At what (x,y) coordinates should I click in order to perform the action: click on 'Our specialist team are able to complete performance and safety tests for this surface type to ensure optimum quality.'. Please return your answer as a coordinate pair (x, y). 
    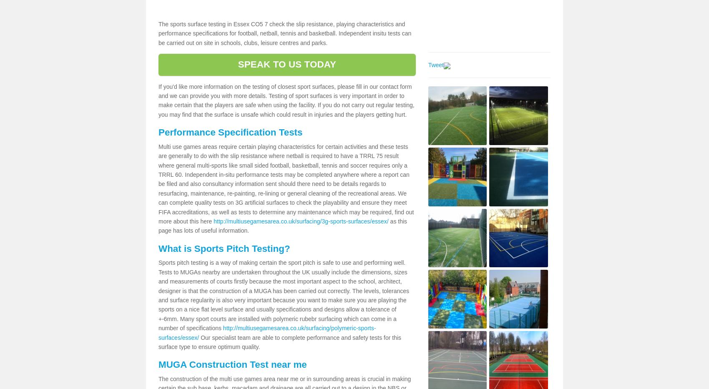
    Looking at the image, I should click on (279, 342).